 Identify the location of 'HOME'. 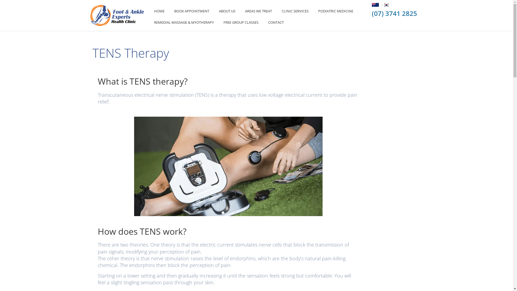
(149, 11).